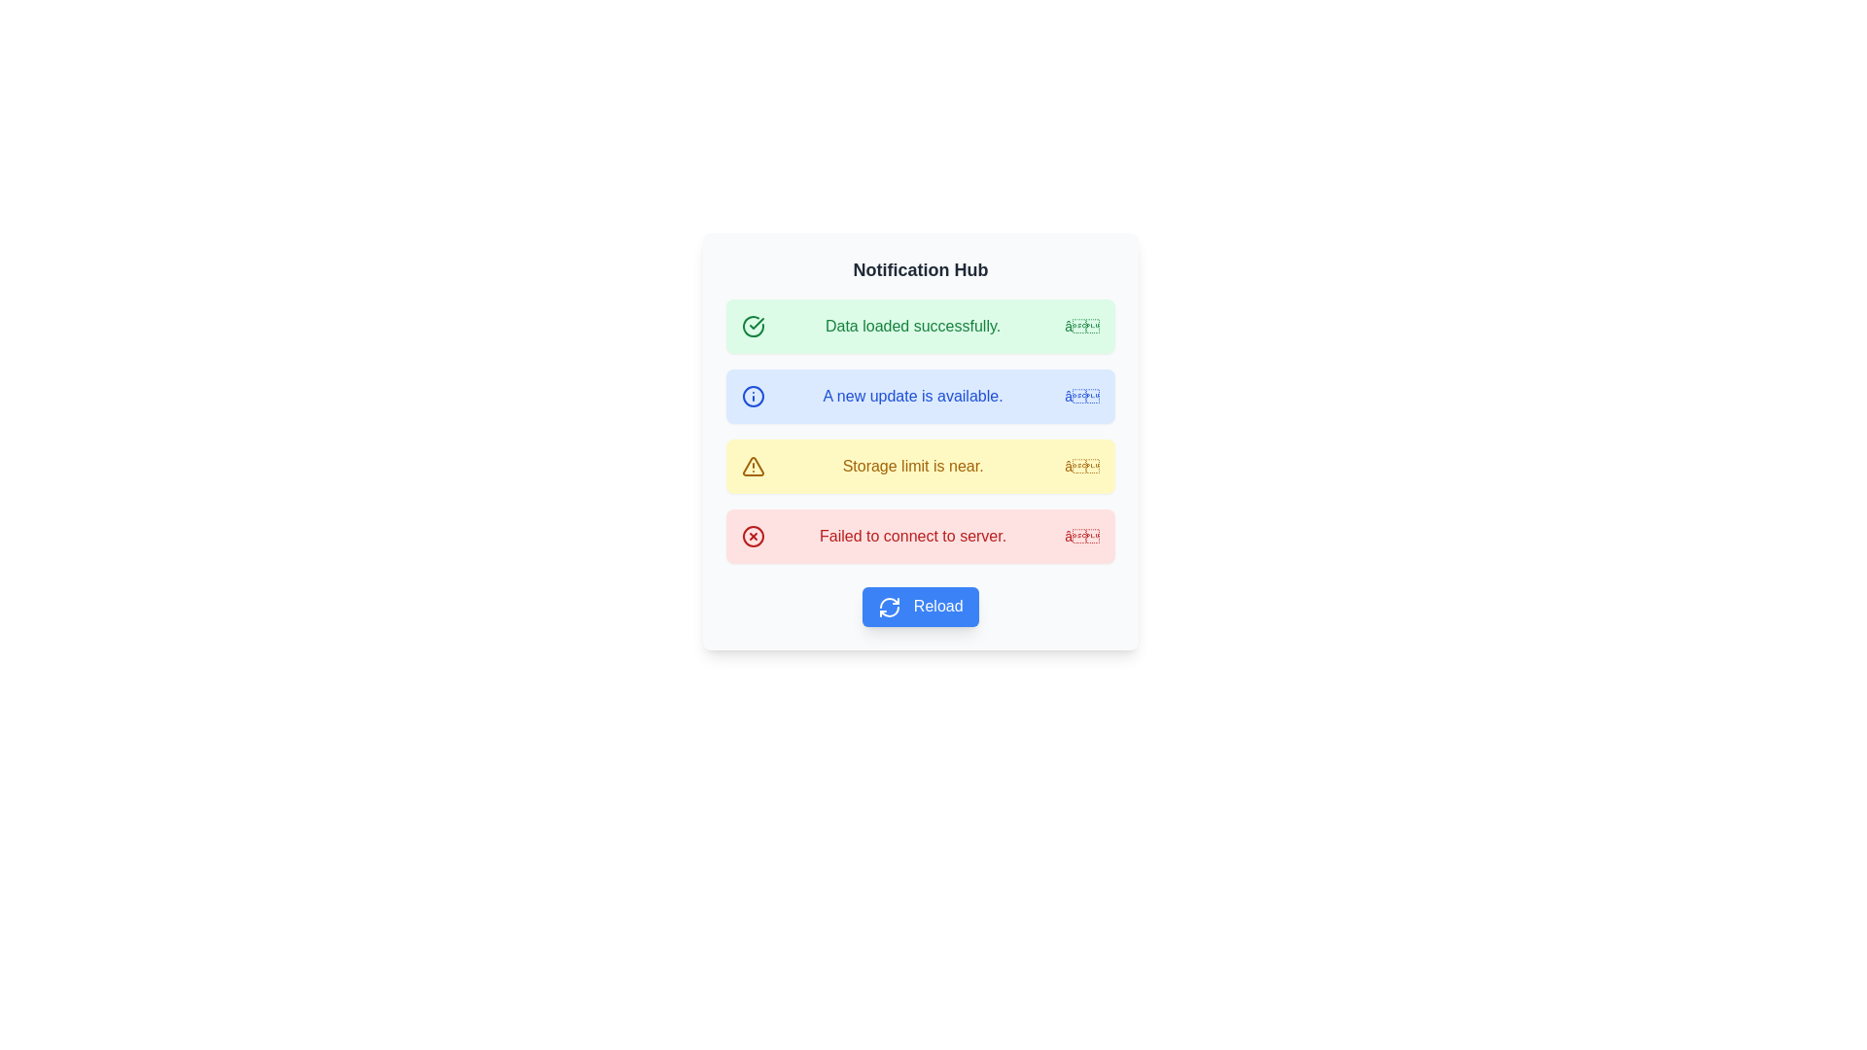 The height and width of the screenshot is (1050, 1867). I want to click on the circular green icon with a checkmark inside, which represents success, located to the left of the text 'Data loaded successfully.', so click(752, 325).